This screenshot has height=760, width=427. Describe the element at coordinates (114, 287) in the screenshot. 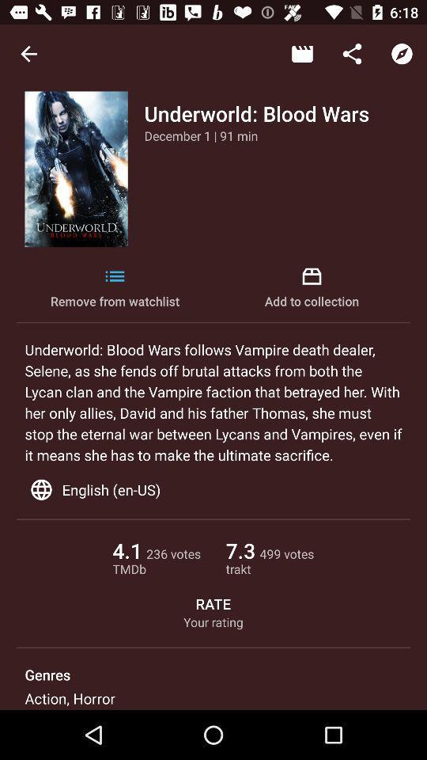

I see `icon next to add to collection icon` at that location.